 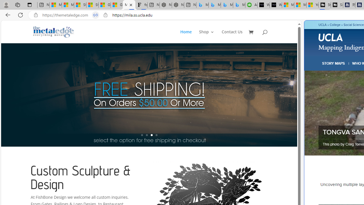 I want to click on 'Contact Us', so click(x=232, y=36).